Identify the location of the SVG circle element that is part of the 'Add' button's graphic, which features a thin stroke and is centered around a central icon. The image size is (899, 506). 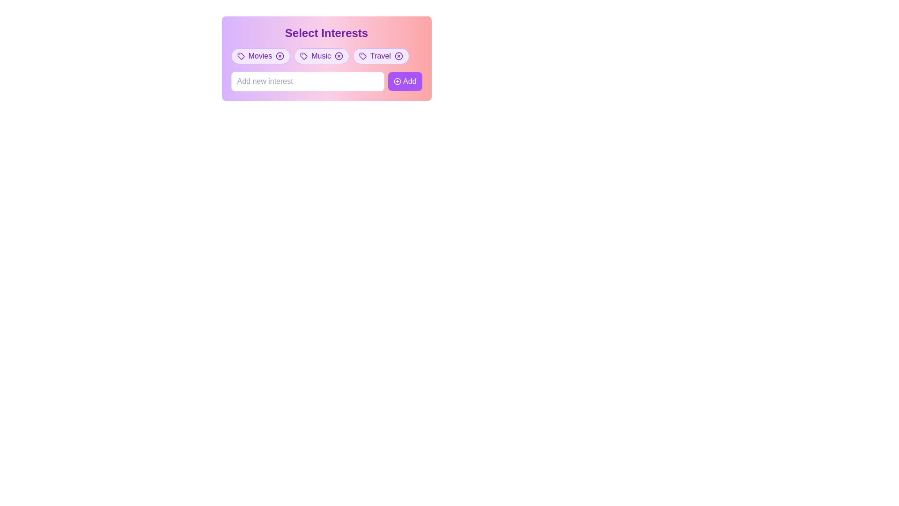
(398, 81).